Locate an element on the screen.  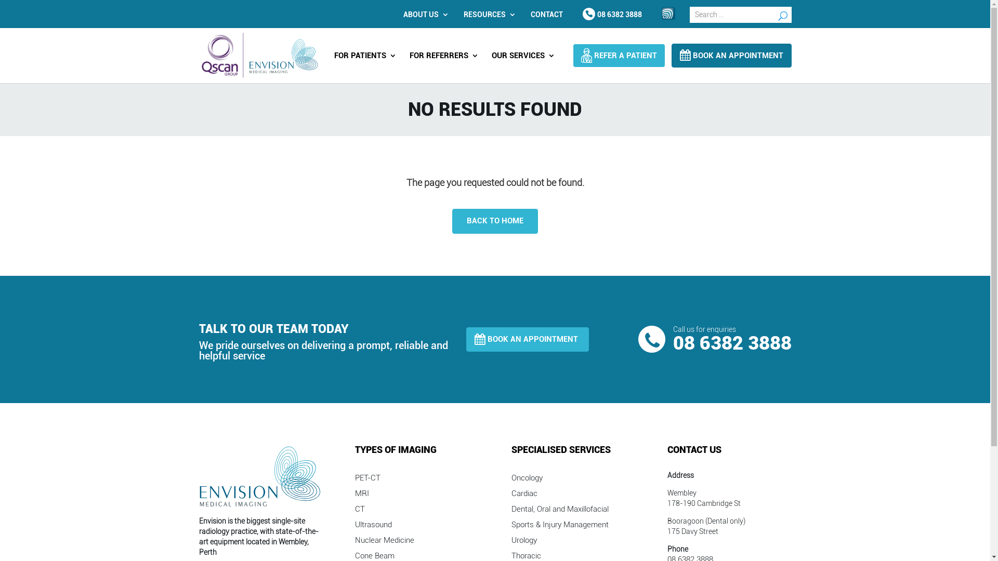
'RESOURCES' is located at coordinates (487, 14).